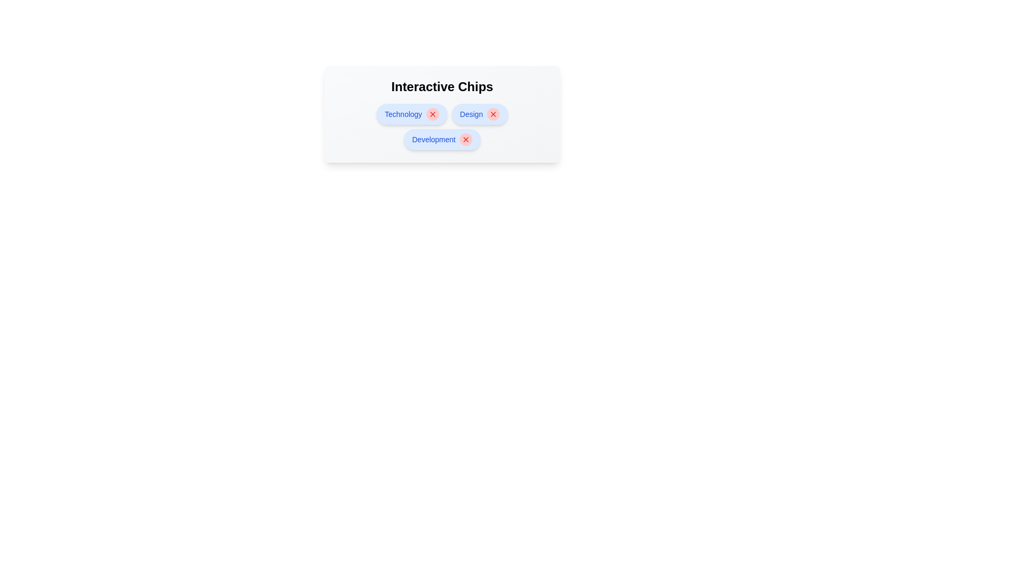  Describe the element at coordinates (442, 139) in the screenshot. I see `the chip labeled 'Development' to view its hover effect` at that location.